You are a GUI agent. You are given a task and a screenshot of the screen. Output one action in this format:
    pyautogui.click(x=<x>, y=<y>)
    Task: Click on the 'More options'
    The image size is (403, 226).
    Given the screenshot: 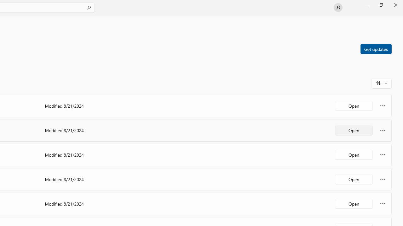 What is the action you would take?
    pyautogui.click(x=383, y=204)
    